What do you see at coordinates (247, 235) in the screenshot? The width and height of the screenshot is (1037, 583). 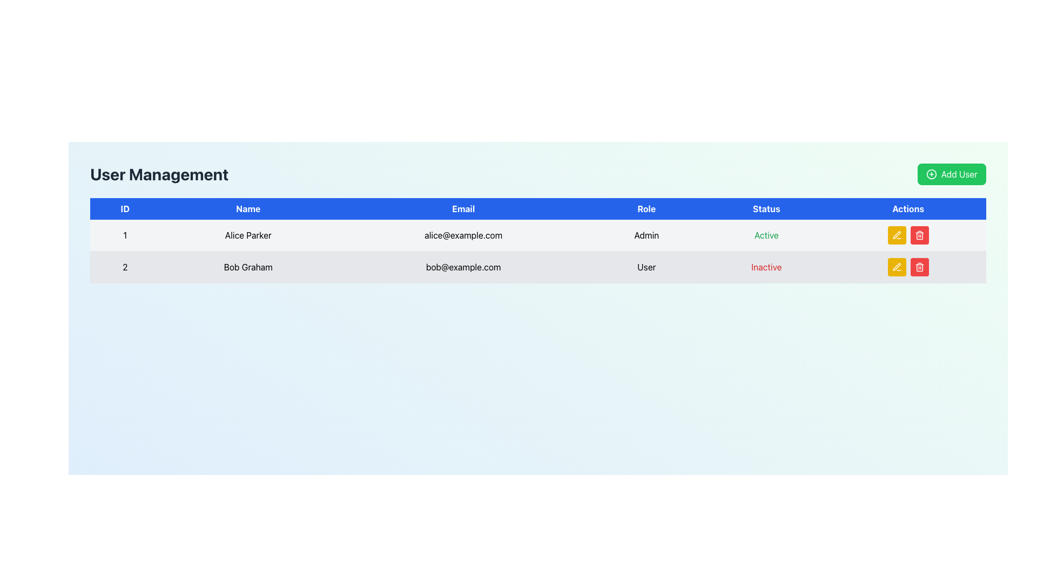 I see `the text display showing 'Alice Parker' in the second column of the user management table` at bounding box center [247, 235].